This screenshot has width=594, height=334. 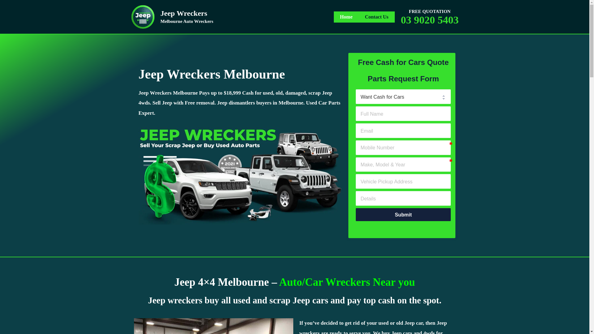 What do you see at coordinates (377, 16) in the screenshot?
I see `'Contact Us'` at bounding box center [377, 16].